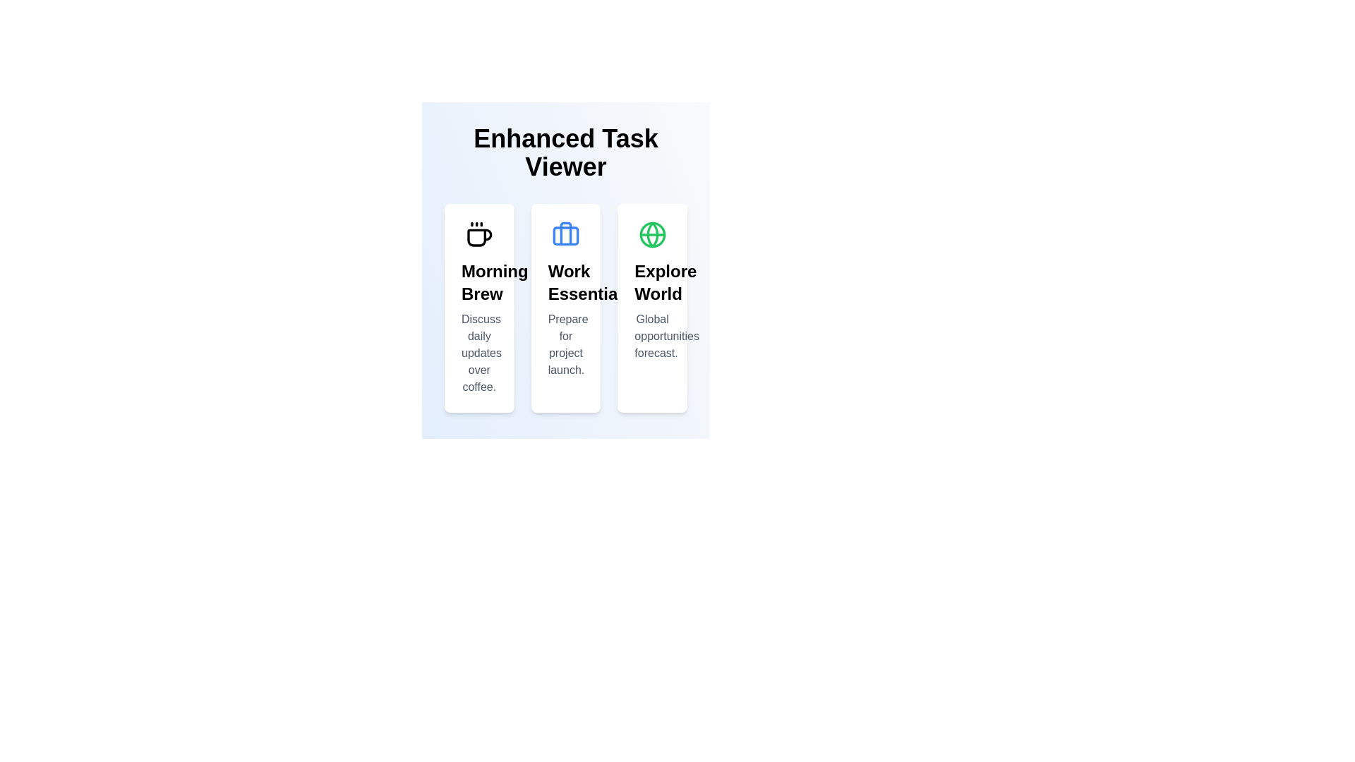 The width and height of the screenshot is (1355, 762). Describe the element at coordinates (565, 234) in the screenshot. I see `the blue briefcase icon located above the 'Work Essentials' text within the second card of the 'Enhanced Task Viewer'` at that location.